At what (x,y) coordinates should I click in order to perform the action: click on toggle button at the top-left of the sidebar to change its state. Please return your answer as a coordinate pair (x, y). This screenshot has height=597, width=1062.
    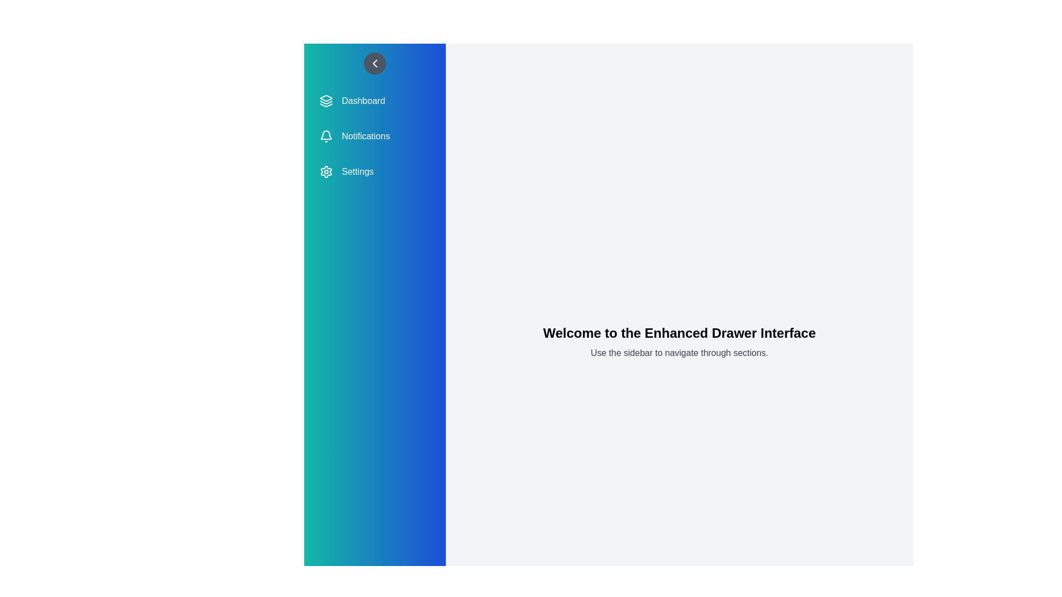
    Looking at the image, I should click on (374, 64).